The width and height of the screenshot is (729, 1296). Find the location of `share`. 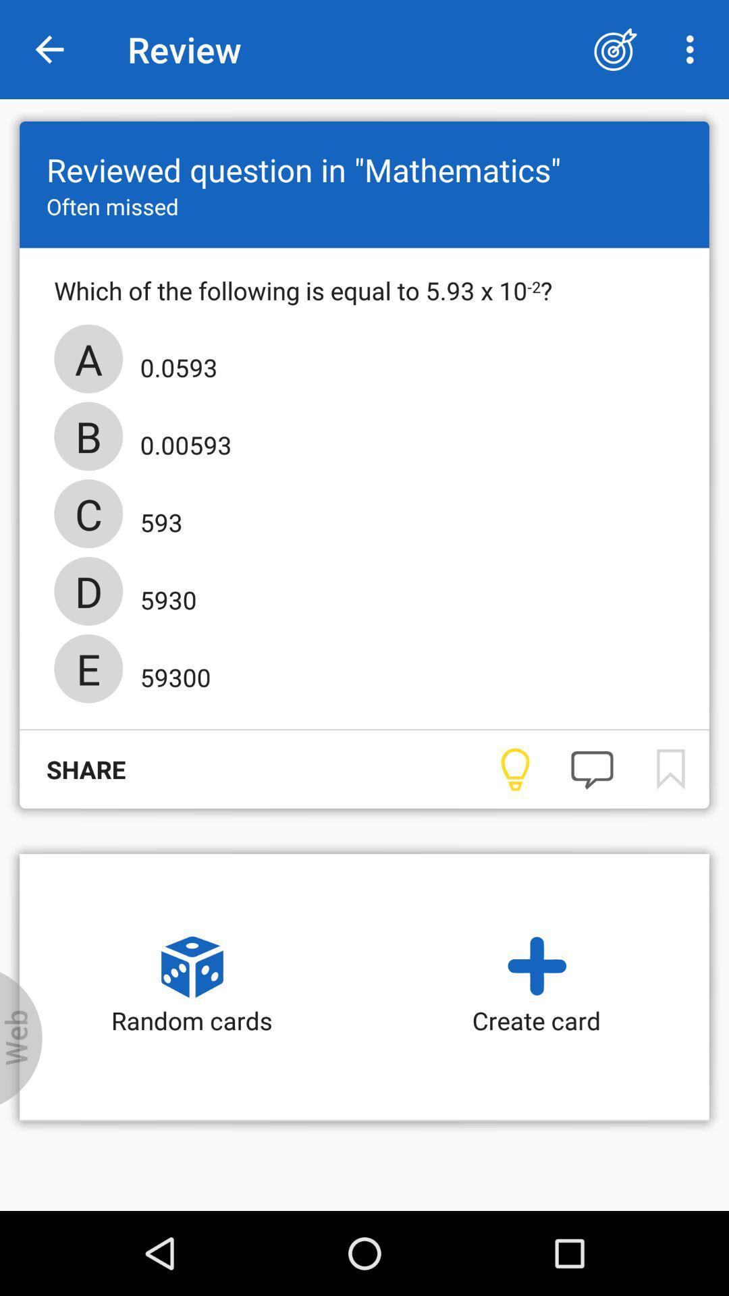

share is located at coordinates (73, 769).